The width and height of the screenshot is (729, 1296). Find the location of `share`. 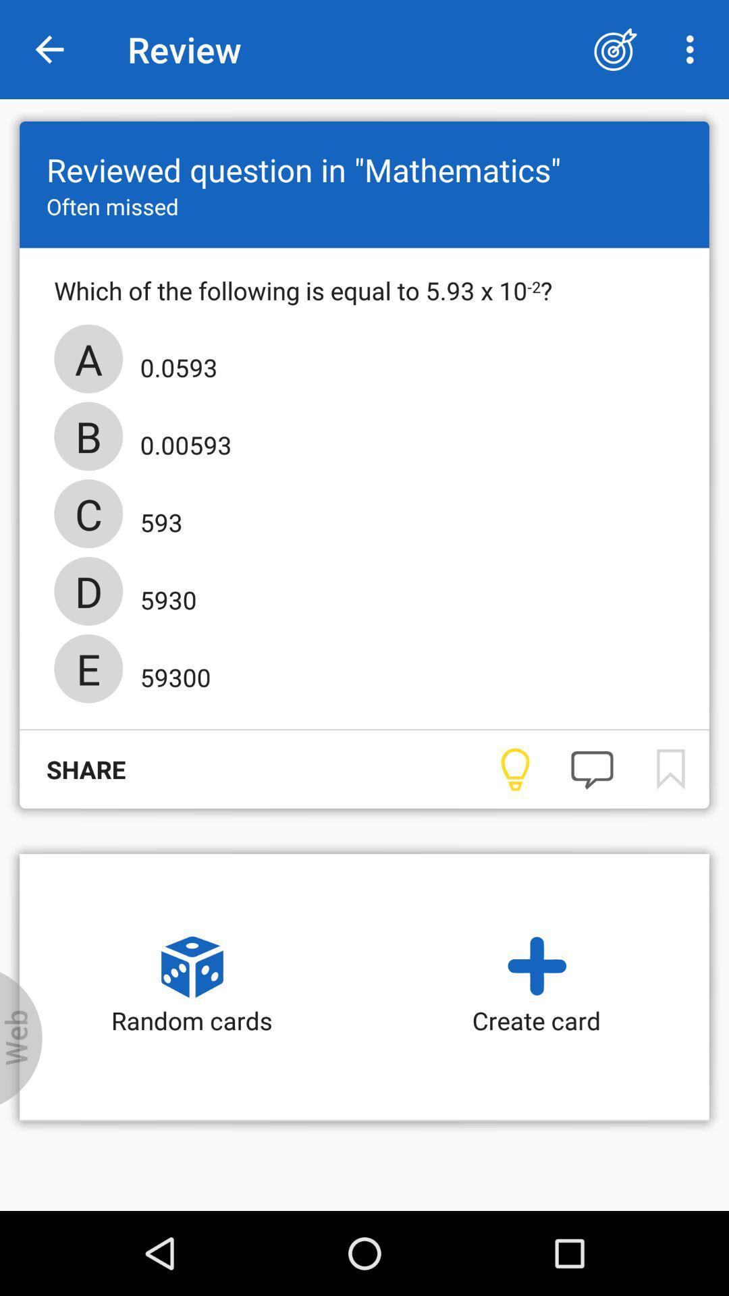

share is located at coordinates (73, 769).